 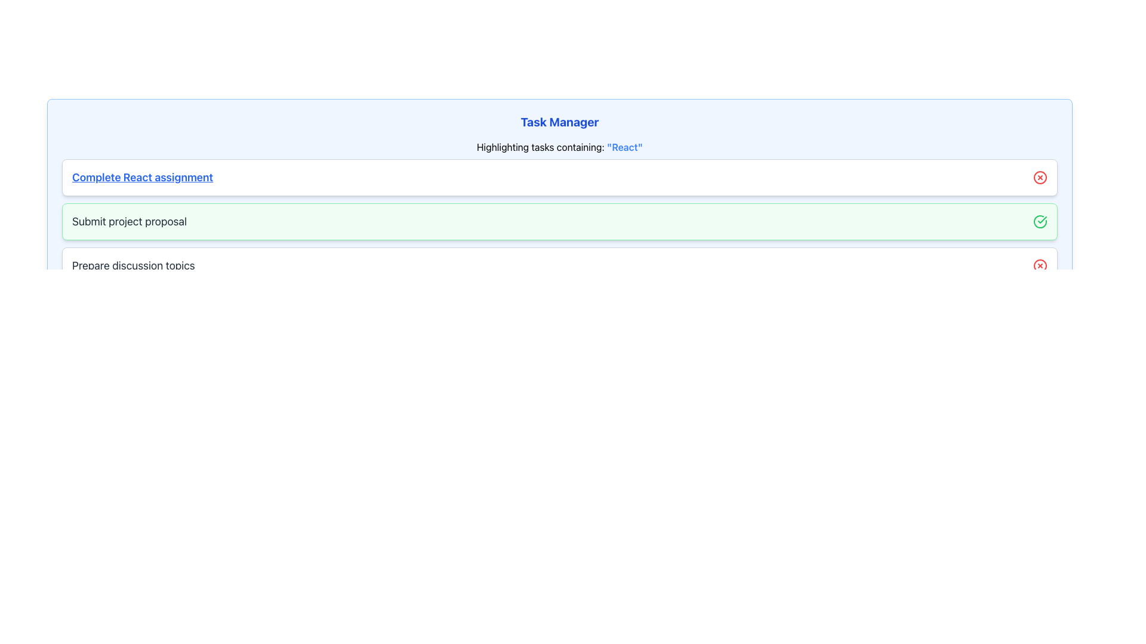 I want to click on text displayed as 'React' in bold blue font, positioned near the end of the phrase 'Highlighting tasks containing: "React"' within the Task Manager section, so click(x=624, y=146).